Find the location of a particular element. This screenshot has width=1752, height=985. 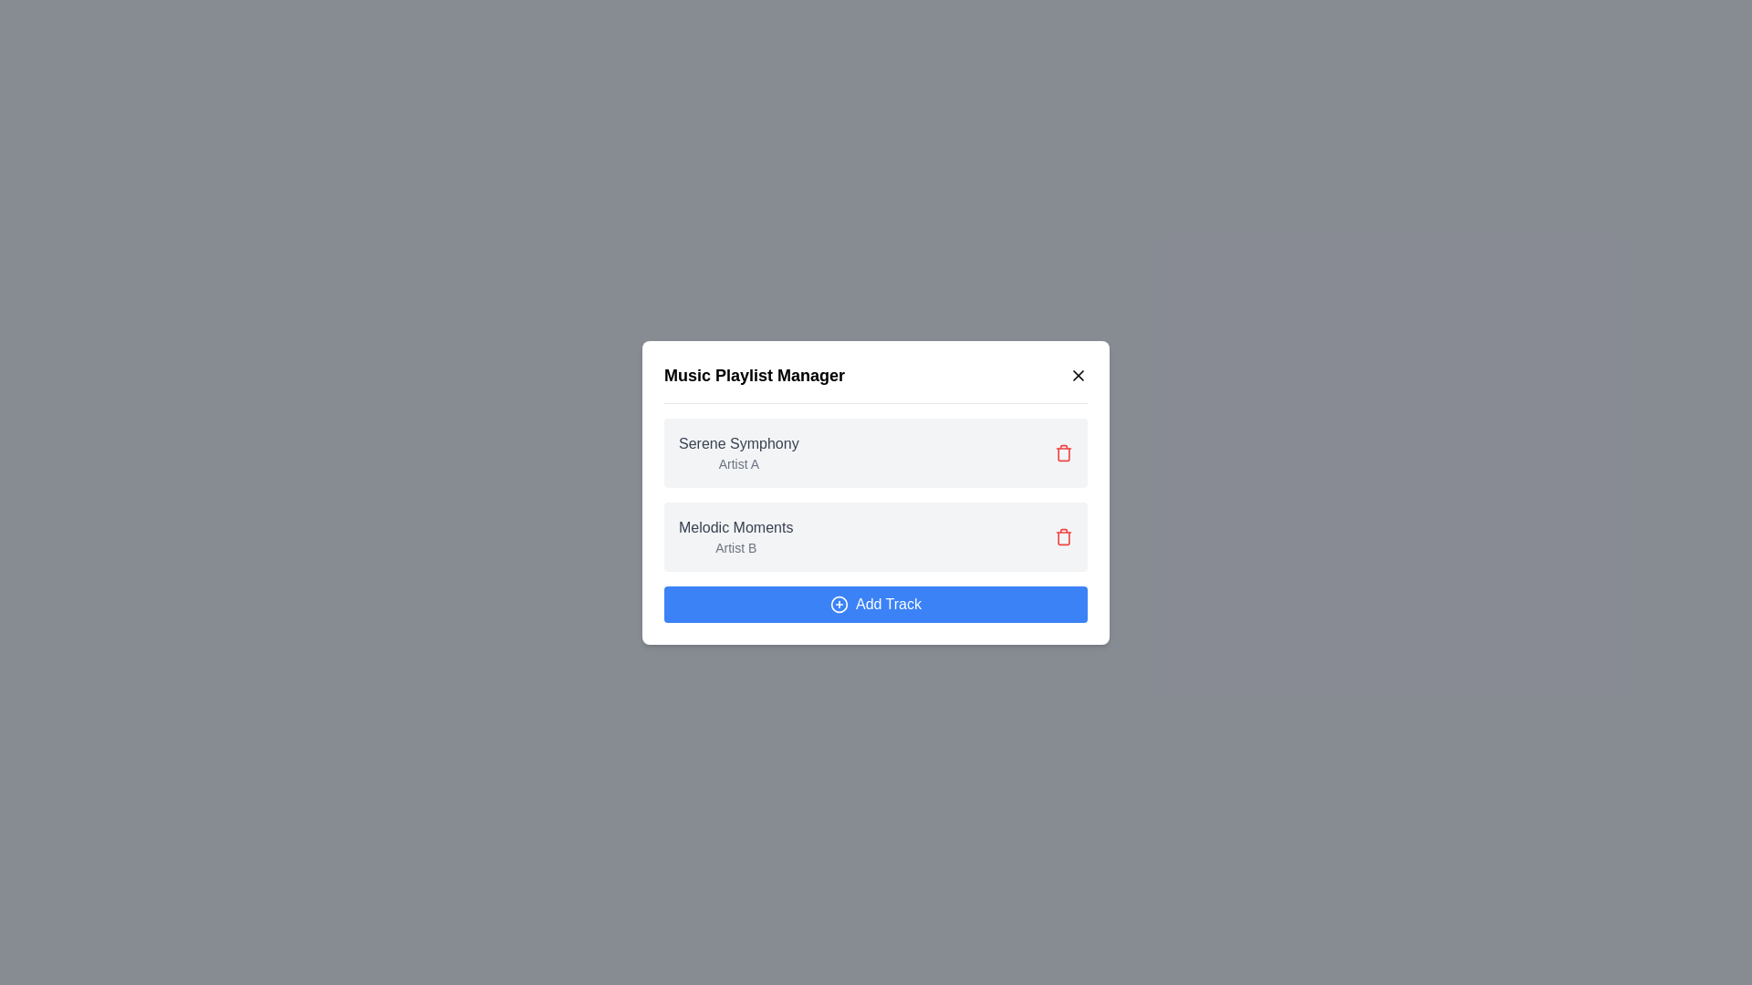

title label of the modal that indicates the context of managing a music playlist is located at coordinates (754, 374).